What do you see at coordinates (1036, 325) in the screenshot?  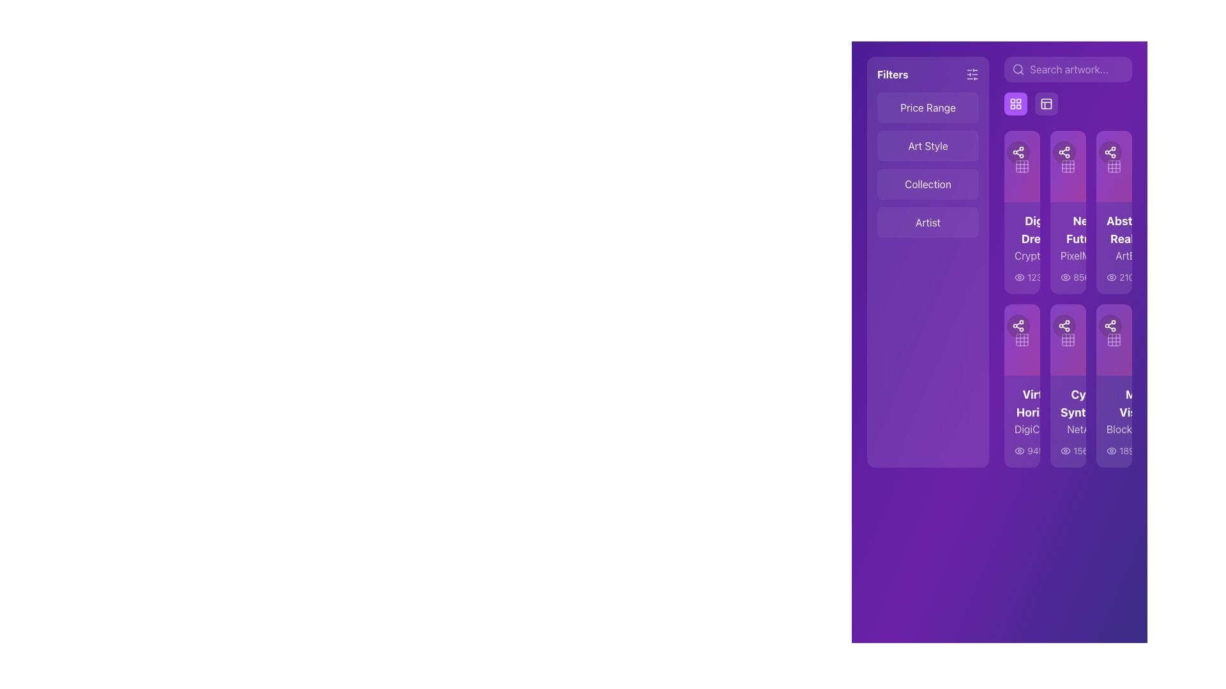 I see `the 'favorite' icon located in the right panel, specifically the third icon in the vertical column of the second card in the third row` at bounding box center [1036, 325].